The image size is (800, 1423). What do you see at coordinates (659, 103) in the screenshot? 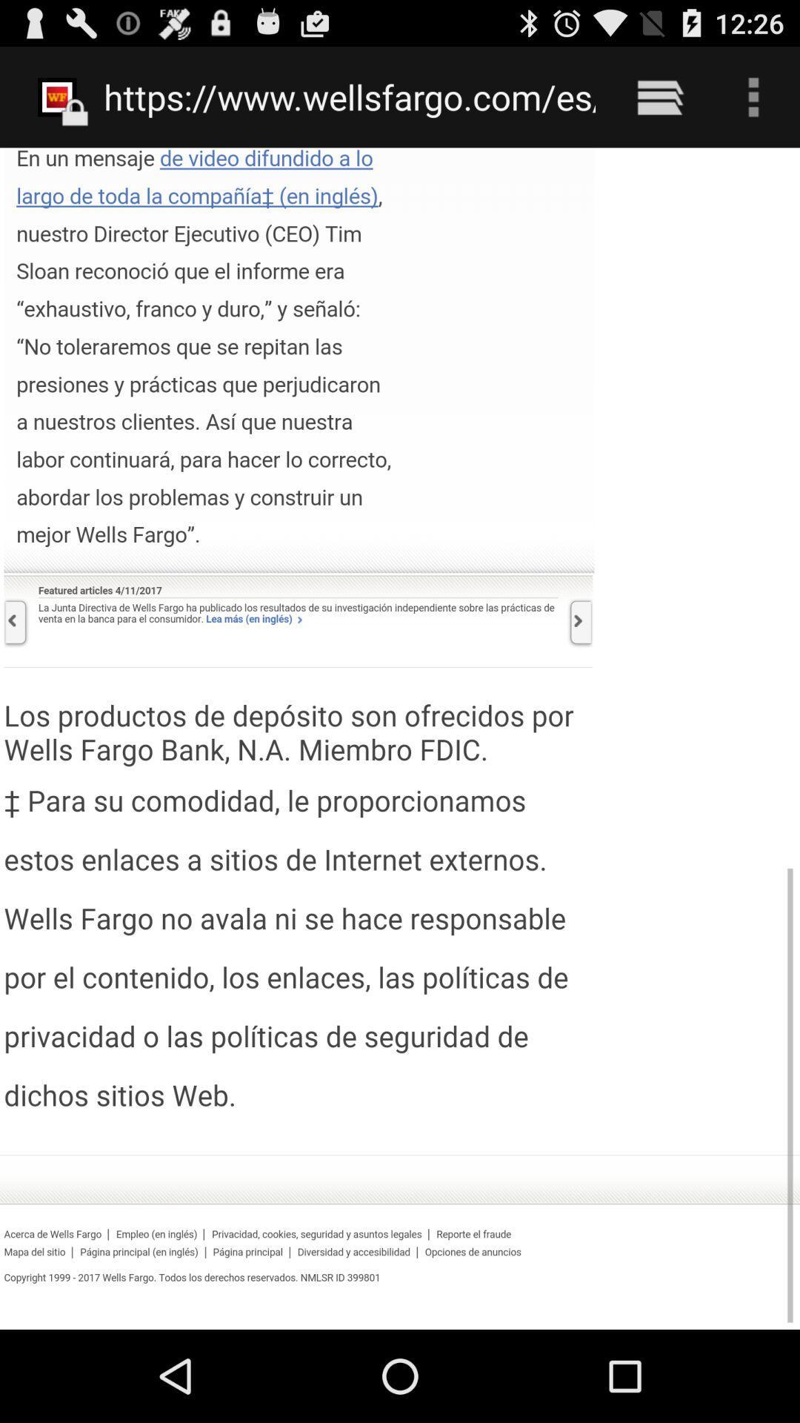
I see `the switcher icon` at bounding box center [659, 103].